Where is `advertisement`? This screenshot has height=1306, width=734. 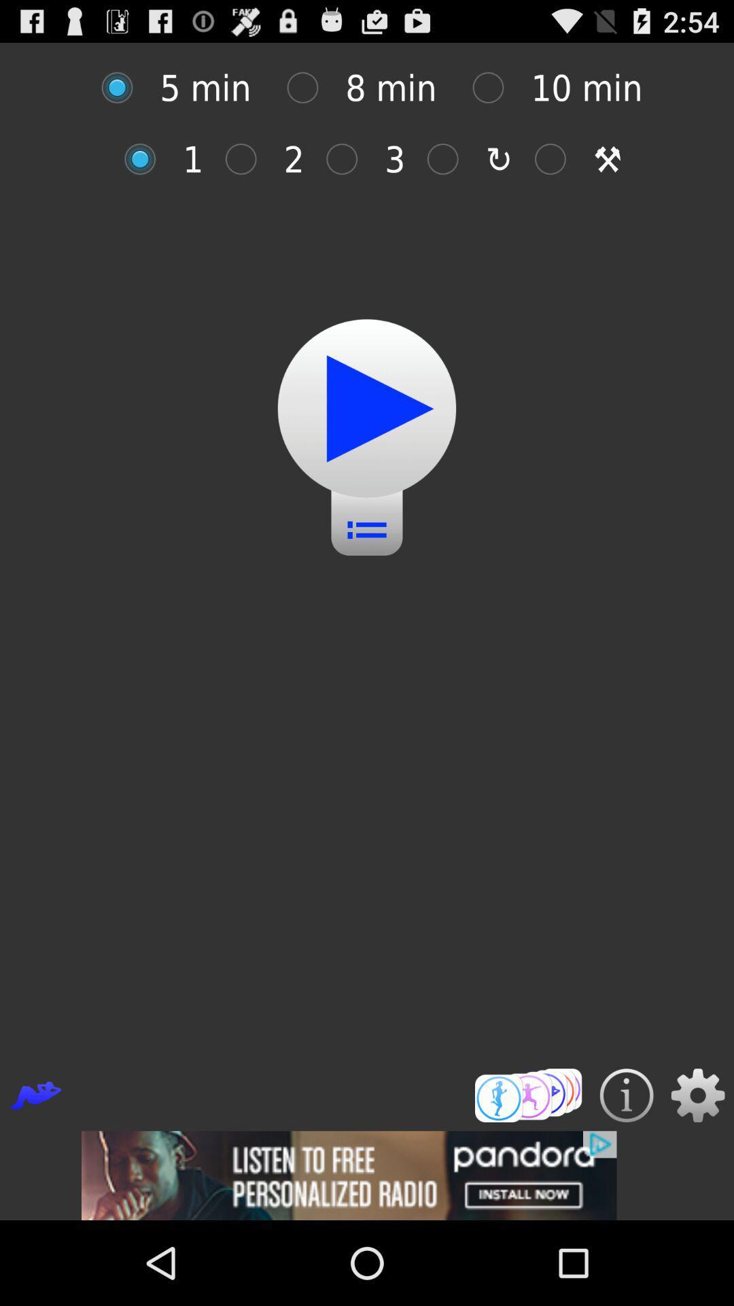
advertisement is located at coordinates (367, 1175).